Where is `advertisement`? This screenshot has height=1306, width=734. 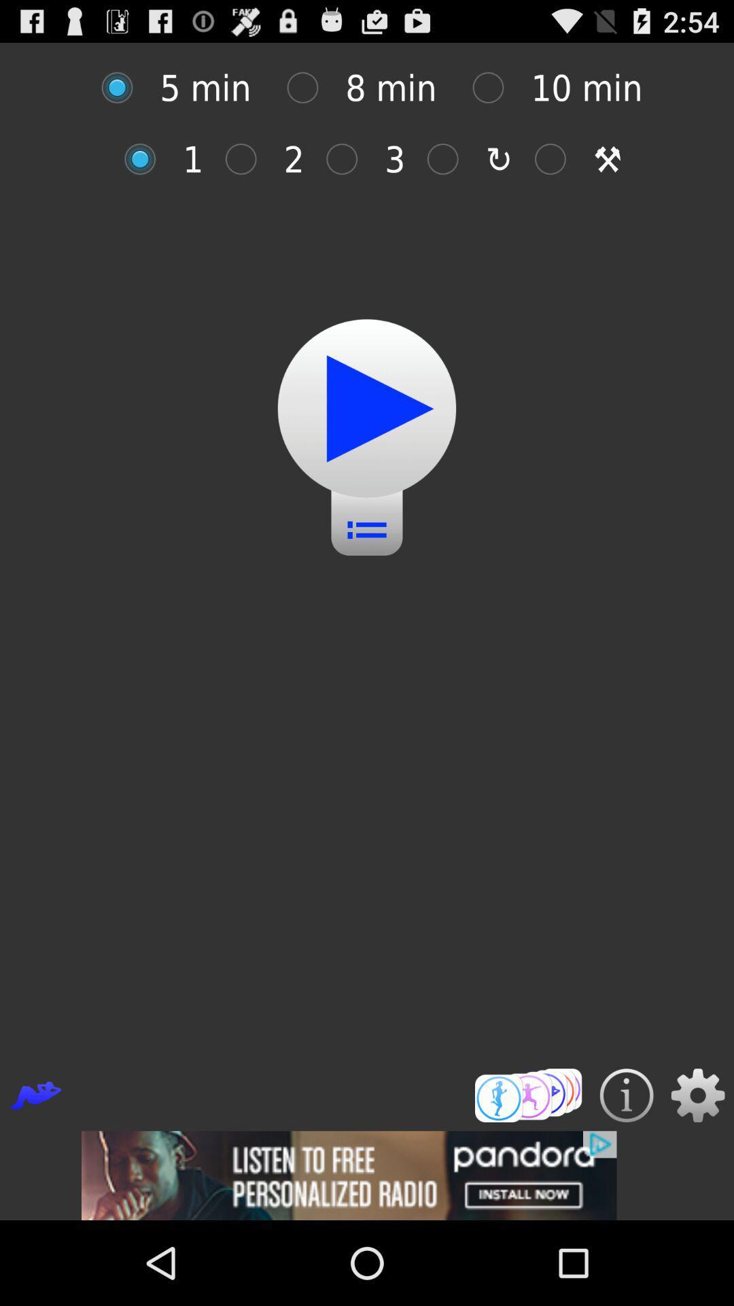
advertisement is located at coordinates (367, 1175).